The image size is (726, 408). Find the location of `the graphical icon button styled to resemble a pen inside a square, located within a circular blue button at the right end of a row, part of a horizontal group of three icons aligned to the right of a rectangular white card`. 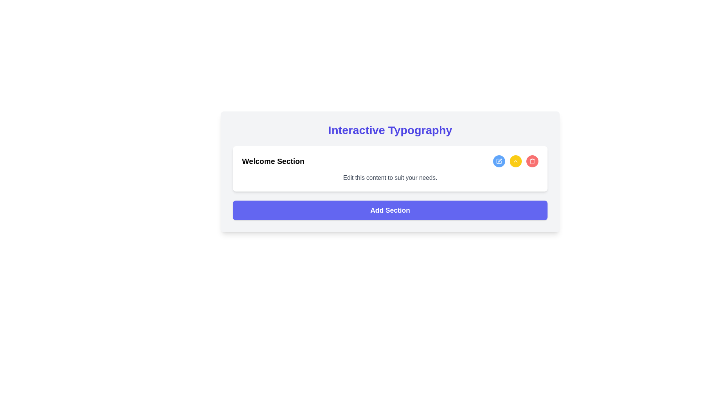

the graphical icon button styled to resemble a pen inside a square, located within a circular blue button at the right end of a row, part of a horizontal group of three icons aligned to the right of a rectangular white card is located at coordinates (499, 161).